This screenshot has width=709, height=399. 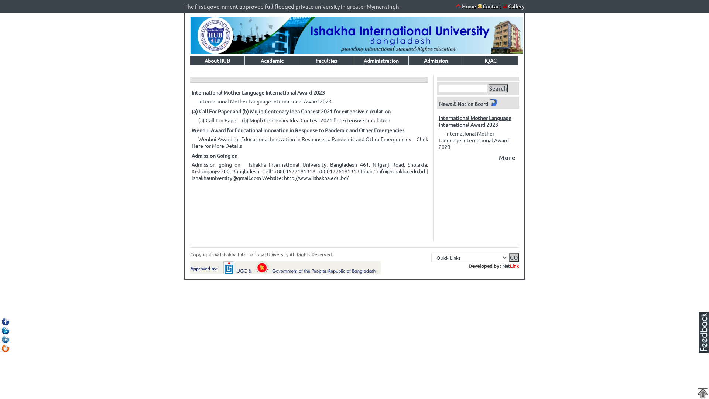 What do you see at coordinates (507, 157) in the screenshot?
I see `'More'` at bounding box center [507, 157].